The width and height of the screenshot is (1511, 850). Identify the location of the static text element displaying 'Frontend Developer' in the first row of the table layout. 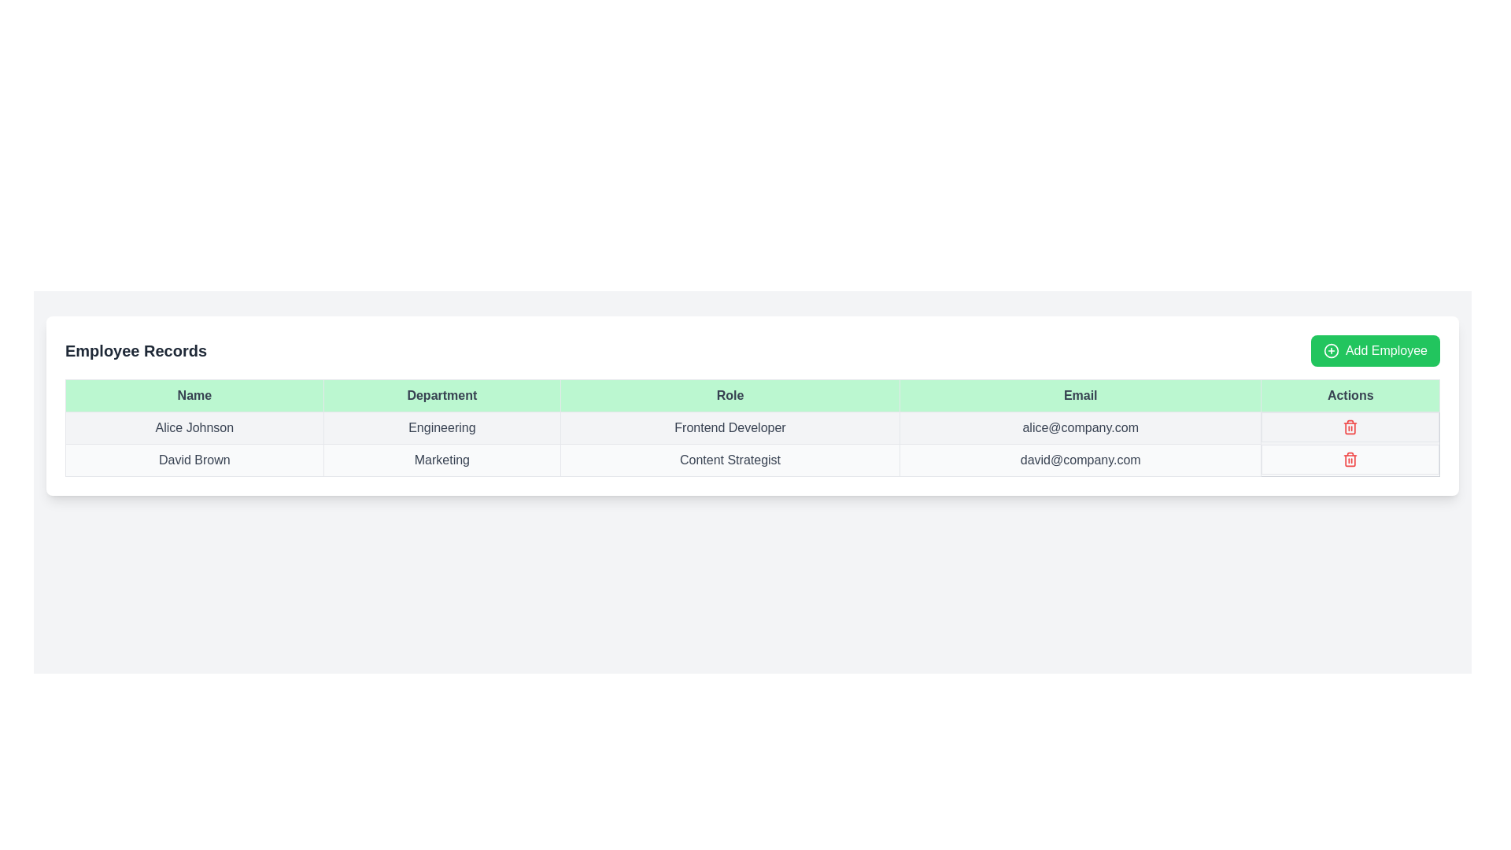
(729, 427).